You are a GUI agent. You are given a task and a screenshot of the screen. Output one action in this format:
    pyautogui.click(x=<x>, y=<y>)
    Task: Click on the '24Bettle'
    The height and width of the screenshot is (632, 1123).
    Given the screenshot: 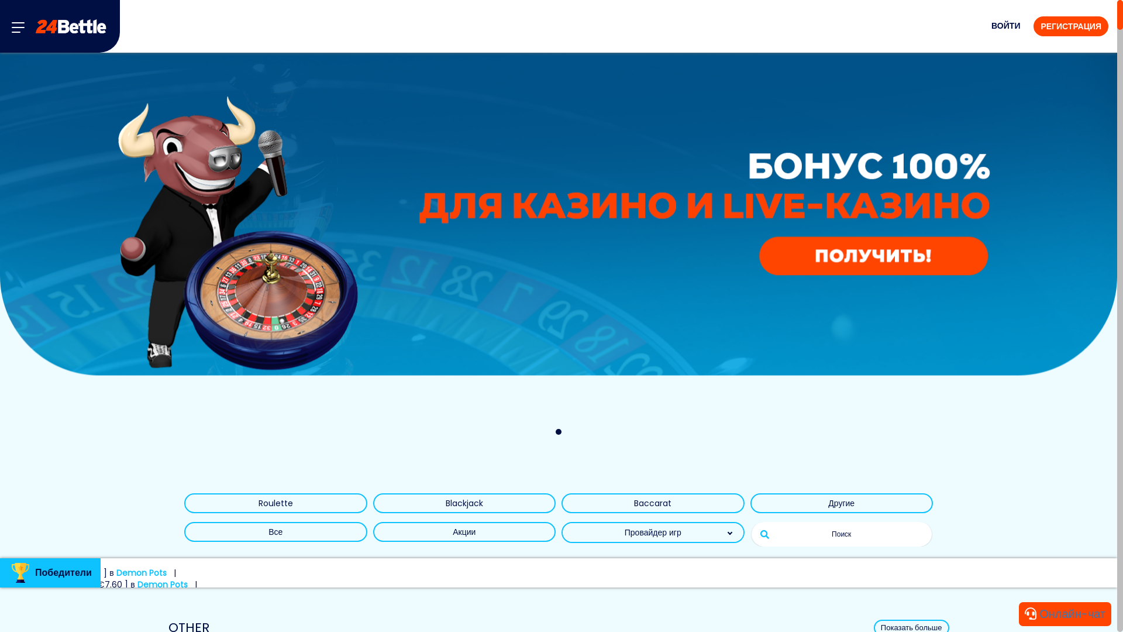 What is the action you would take?
    pyautogui.click(x=70, y=26)
    